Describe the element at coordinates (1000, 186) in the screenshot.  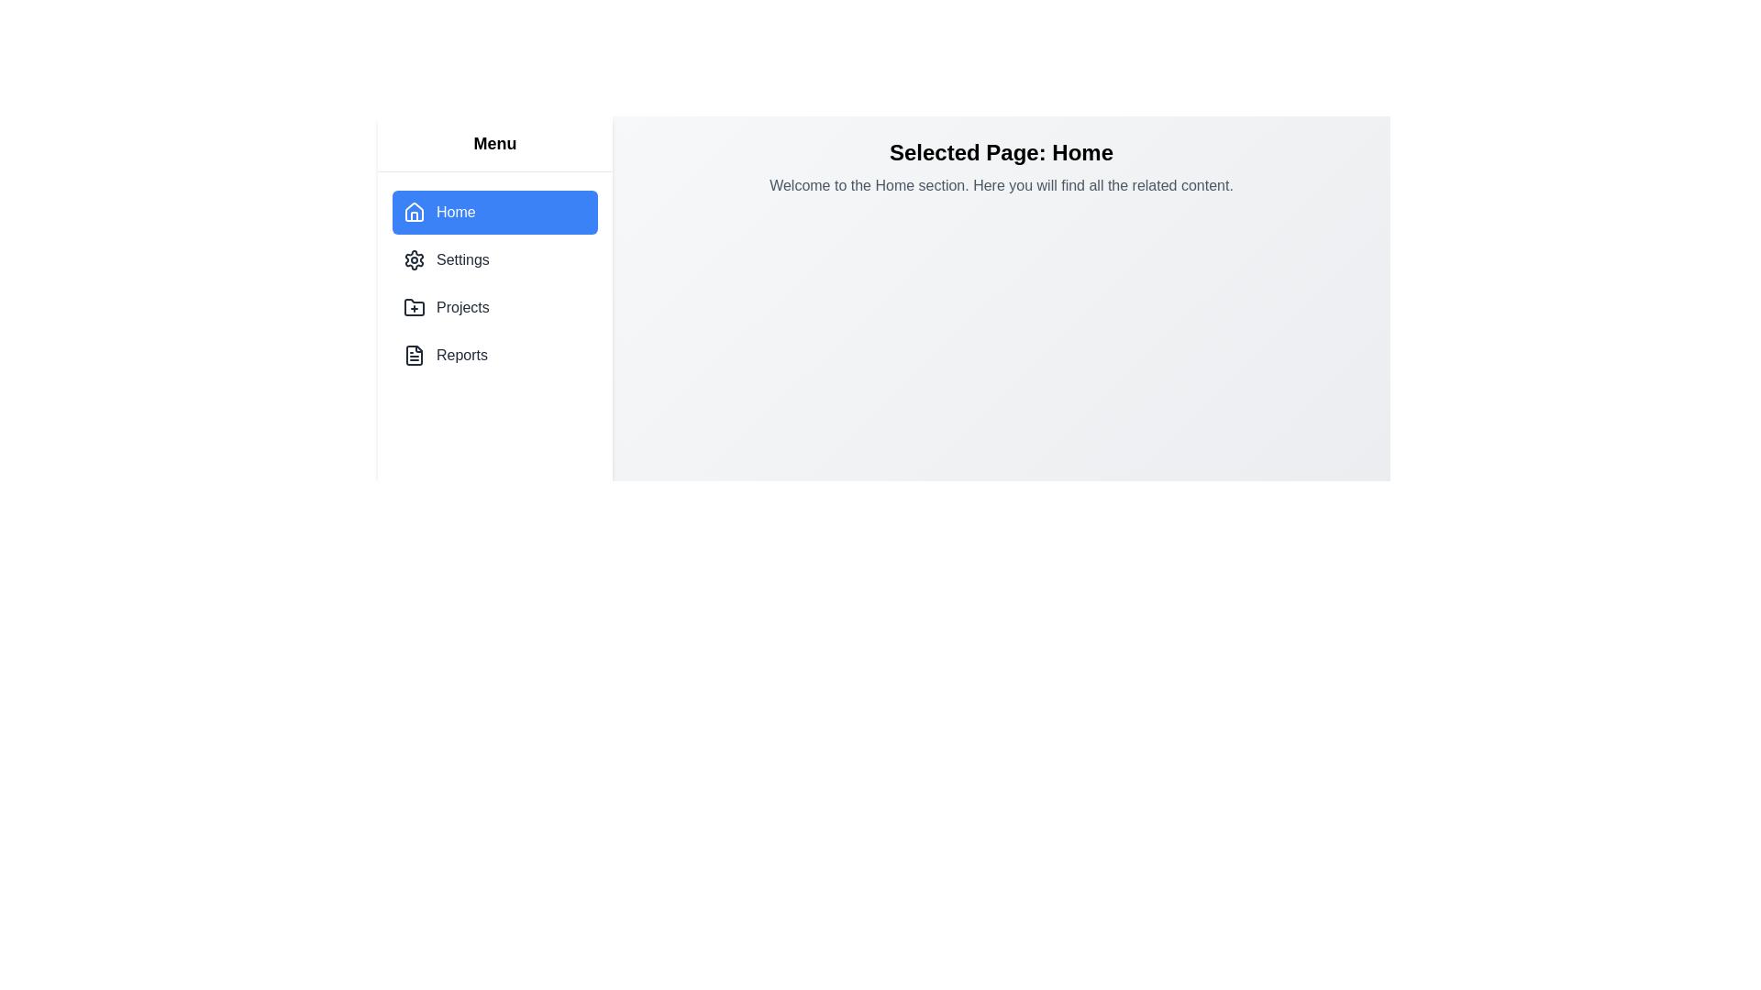
I see `the static text label that reads 'Welcome to the Home section. Here you will find all the related content.' which is positioned beneath the header 'Selected Page: Home'` at that location.